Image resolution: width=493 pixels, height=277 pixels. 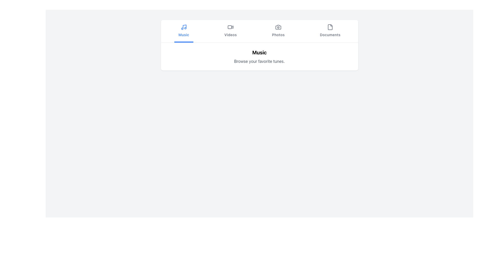 What do you see at coordinates (184, 31) in the screenshot?
I see `the active 'Music' Navigation tab which includes a musical note icon and a bold blue label, positioned at the top left of the section` at bounding box center [184, 31].